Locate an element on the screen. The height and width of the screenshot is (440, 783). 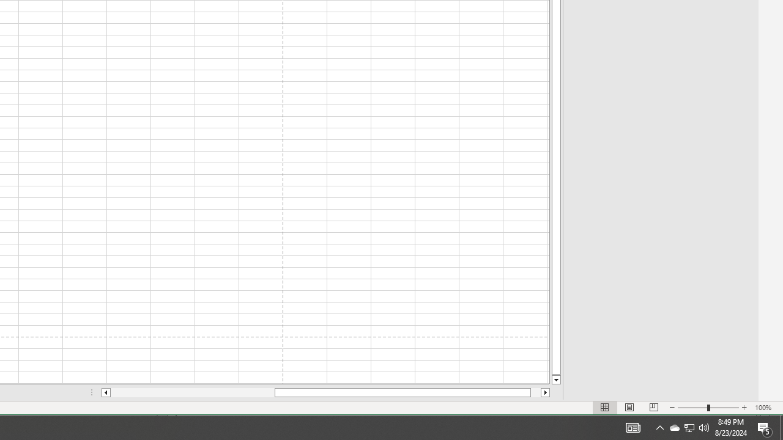
'User Promoted Notification Area' is located at coordinates (659, 427).